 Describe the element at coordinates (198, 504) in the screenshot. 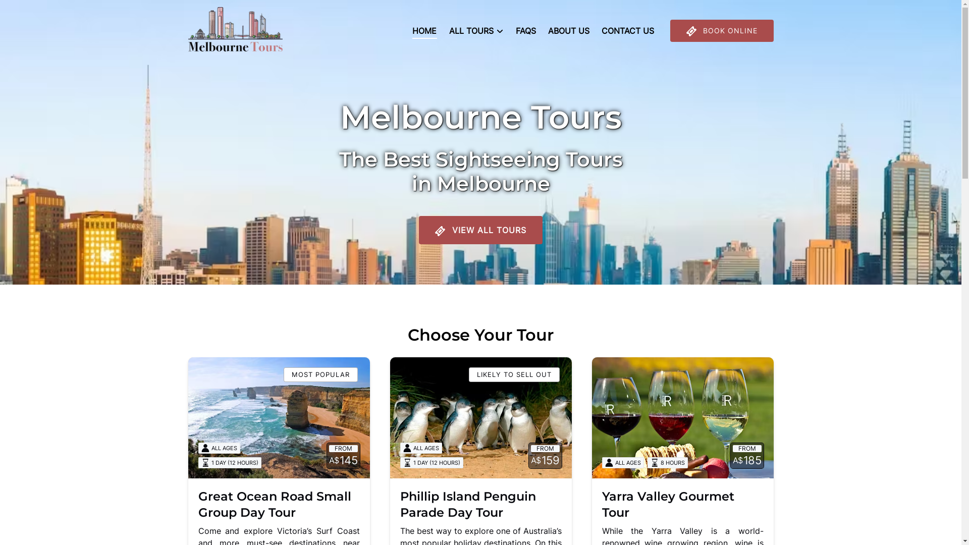

I see `'Great Ocean Road Small Group Day Tour'` at that location.